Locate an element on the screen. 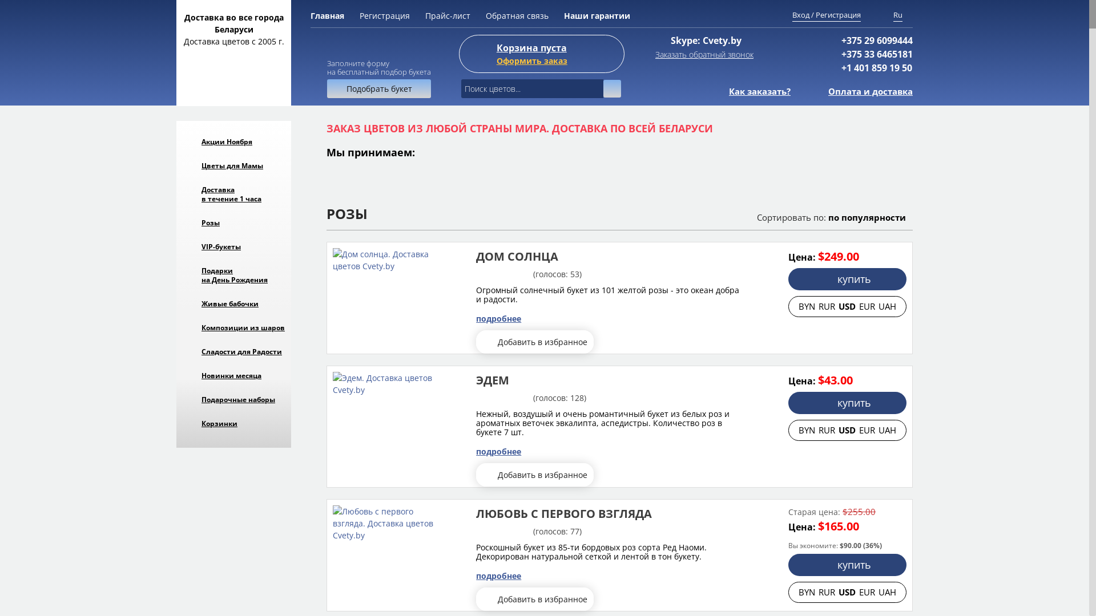 This screenshot has height=616, width=1096. 'BYN' is located at coordinates (807, 305).